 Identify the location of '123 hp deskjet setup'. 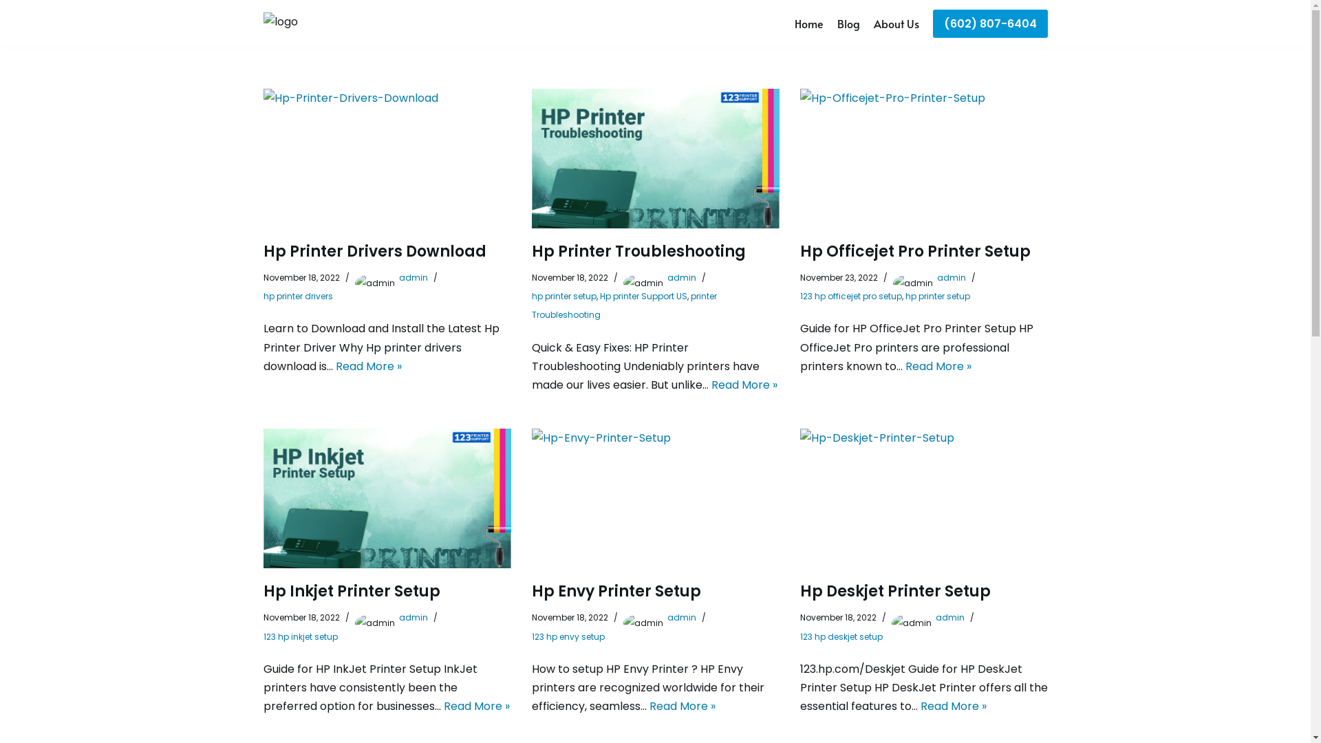
(840, 636).